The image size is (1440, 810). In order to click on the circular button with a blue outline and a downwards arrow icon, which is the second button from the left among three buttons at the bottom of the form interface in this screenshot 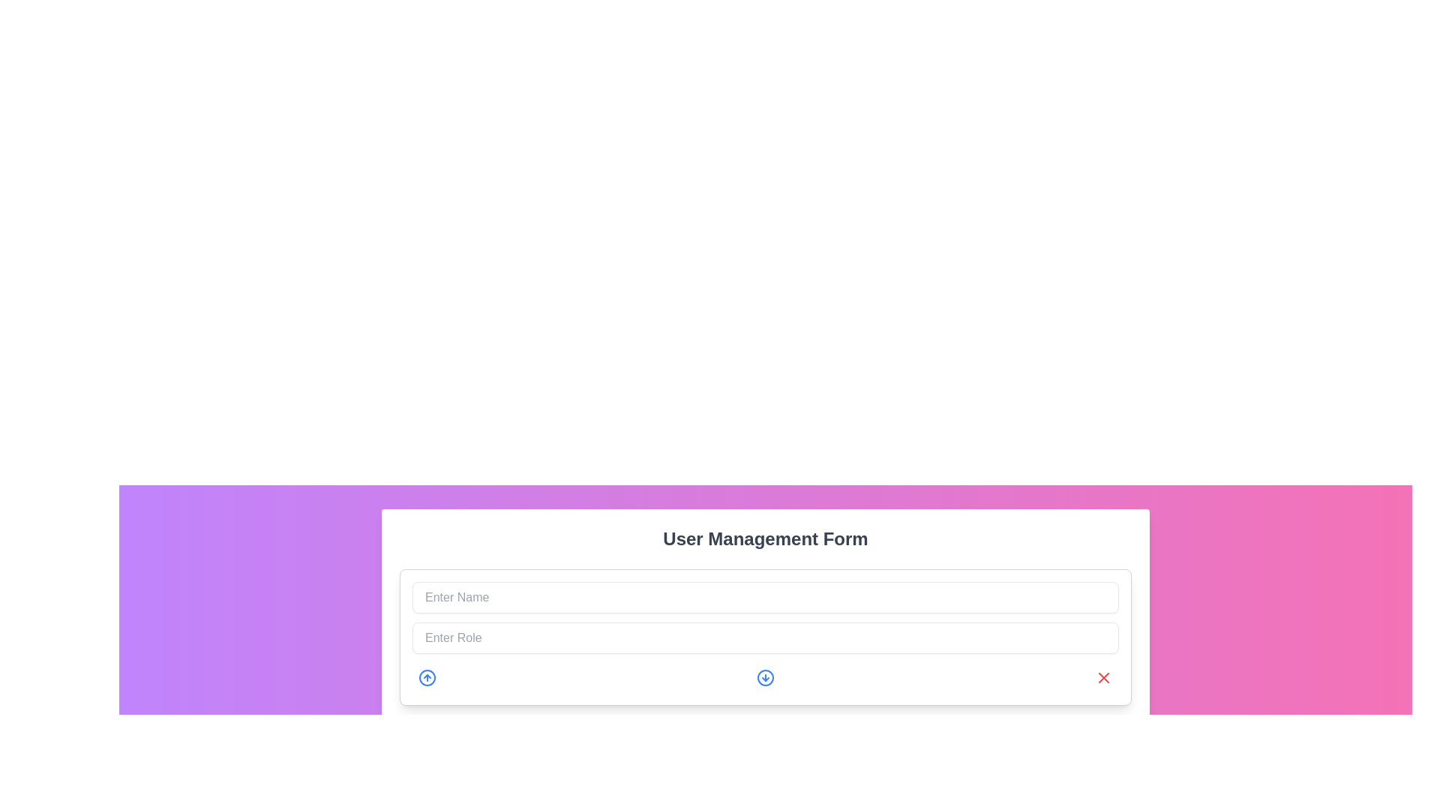, I will do `click(766, 677)`.